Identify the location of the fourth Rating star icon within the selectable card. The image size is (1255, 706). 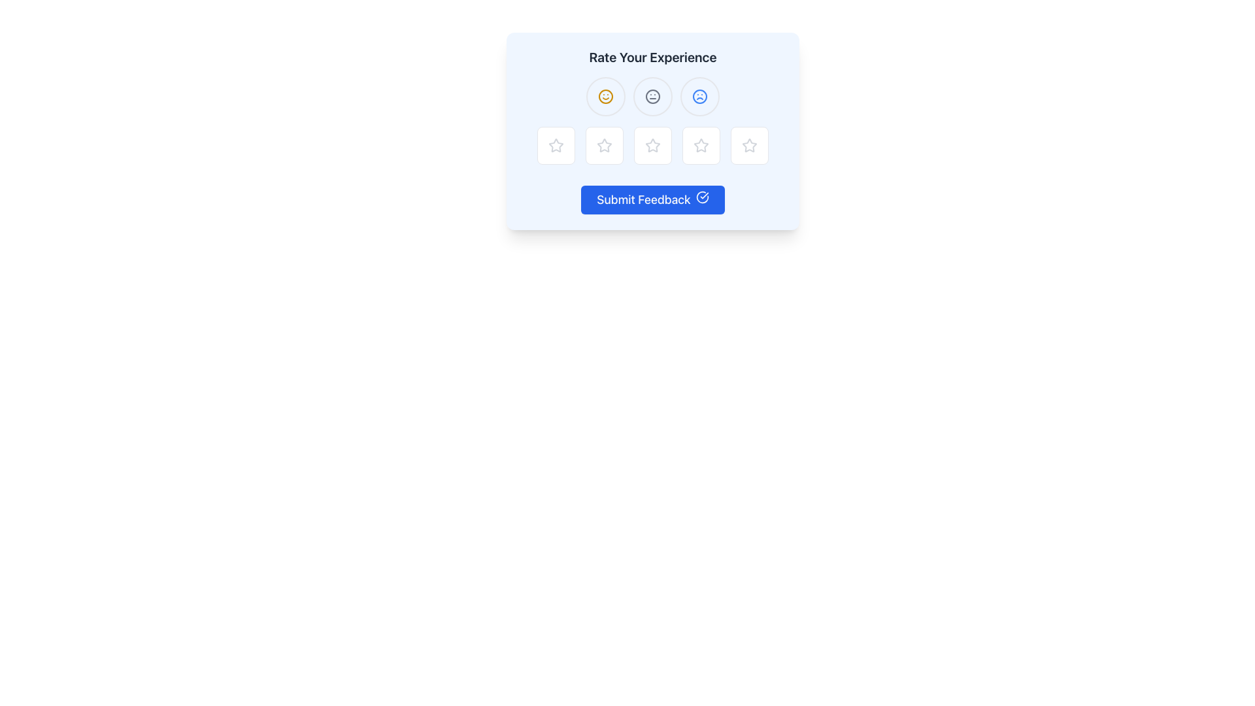
(701, 146).